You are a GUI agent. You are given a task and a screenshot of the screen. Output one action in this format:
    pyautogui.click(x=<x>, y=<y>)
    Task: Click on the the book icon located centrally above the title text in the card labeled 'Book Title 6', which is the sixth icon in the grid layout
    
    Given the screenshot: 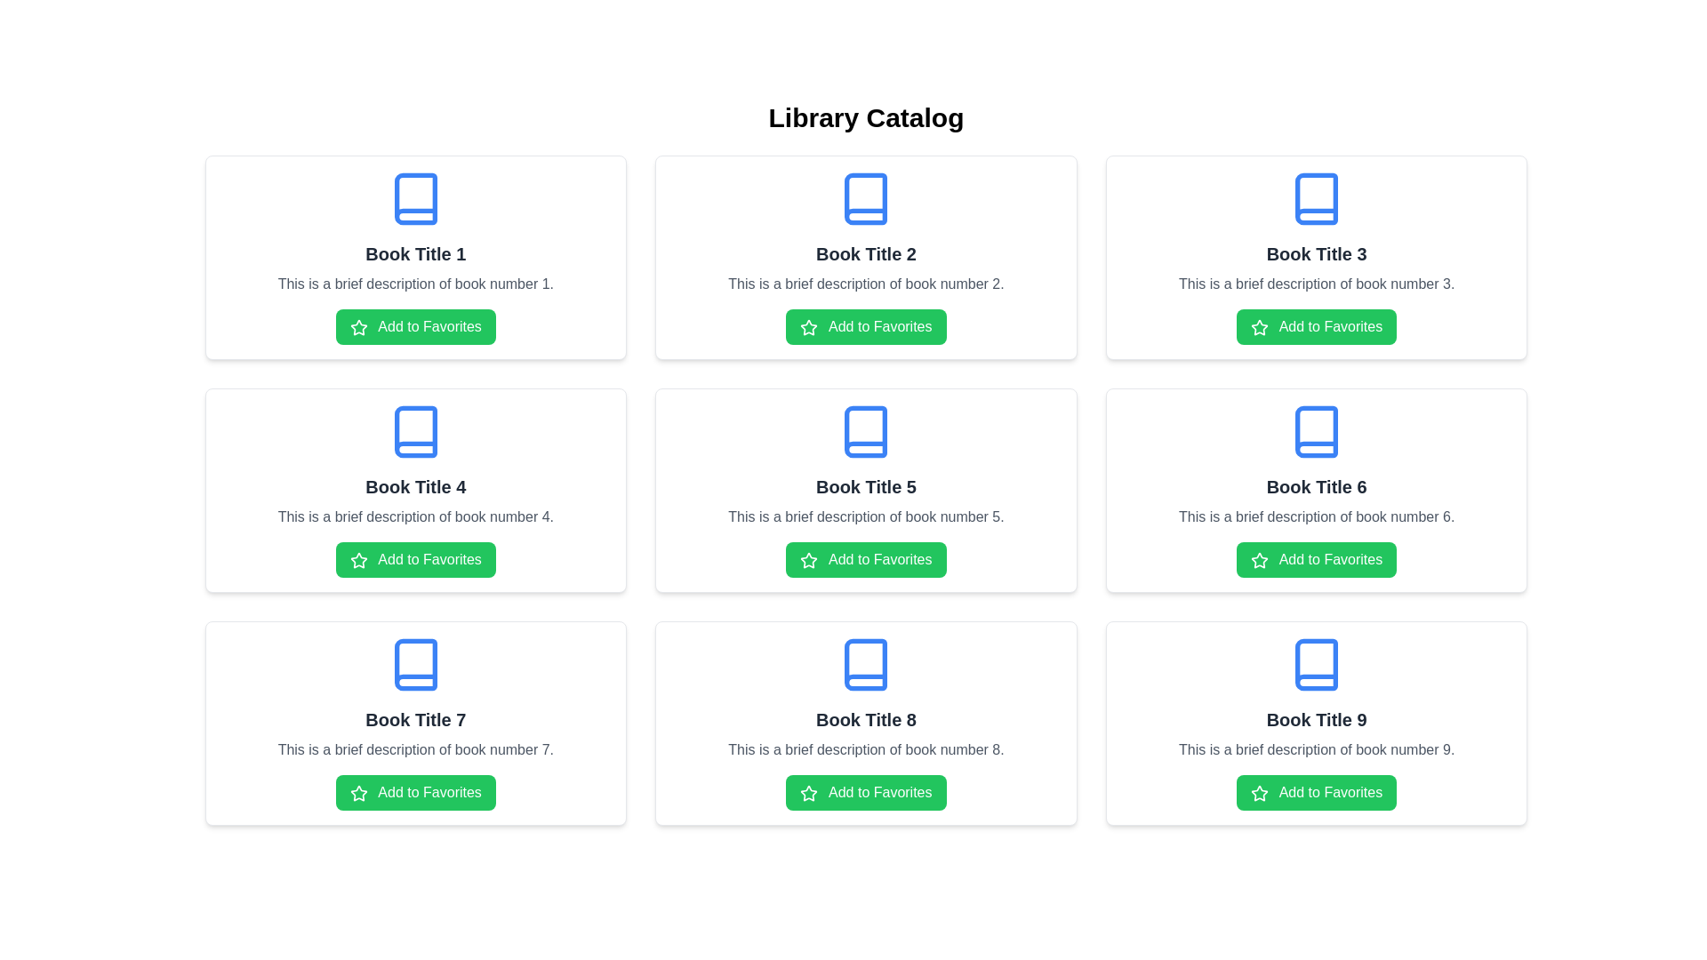 What is the action you would take?
    pyautogui.click(x=1317, y=432)
    